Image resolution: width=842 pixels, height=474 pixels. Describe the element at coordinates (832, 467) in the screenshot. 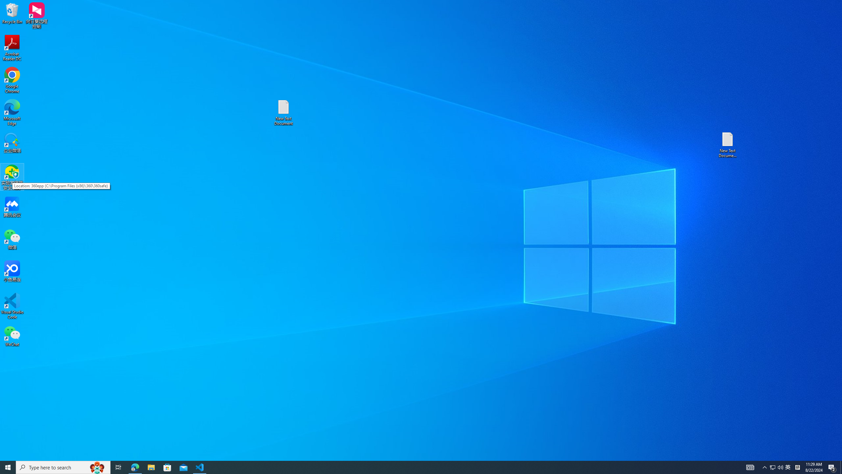

I see `'Action Center, 2 new notifications'` at that location.